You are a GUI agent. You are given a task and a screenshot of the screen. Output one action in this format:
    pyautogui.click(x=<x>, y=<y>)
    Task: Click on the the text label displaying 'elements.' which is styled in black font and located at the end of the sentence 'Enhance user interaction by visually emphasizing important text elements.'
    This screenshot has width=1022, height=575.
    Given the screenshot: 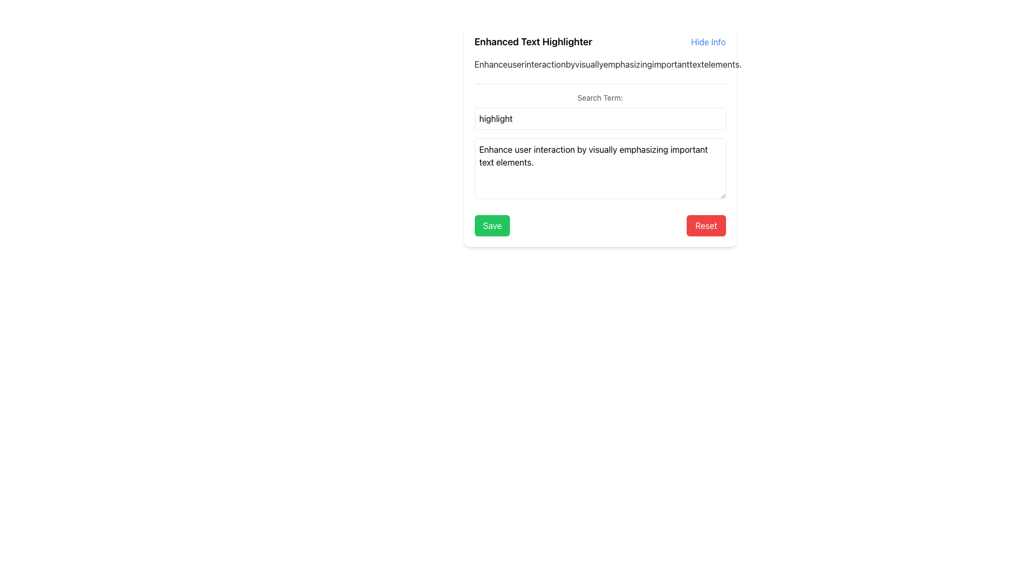 What is the action you would take?
    pyautogui.click(x=723, y=64)
    